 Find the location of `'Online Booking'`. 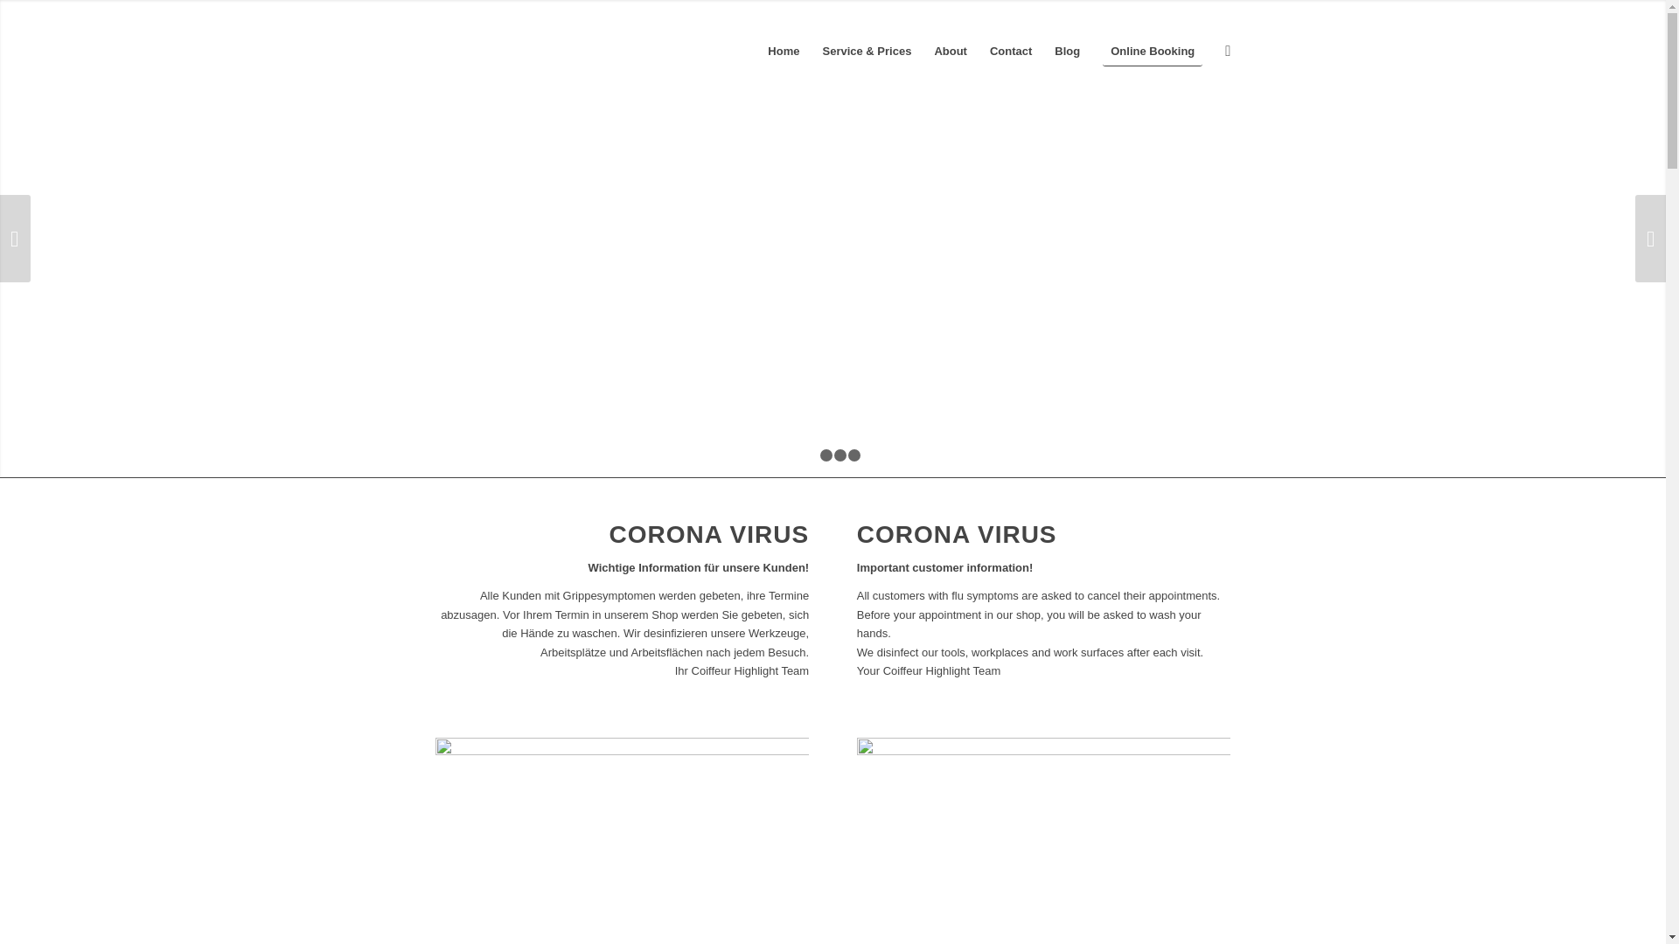

'Online Booking' is located at coordinates (1153, 50).